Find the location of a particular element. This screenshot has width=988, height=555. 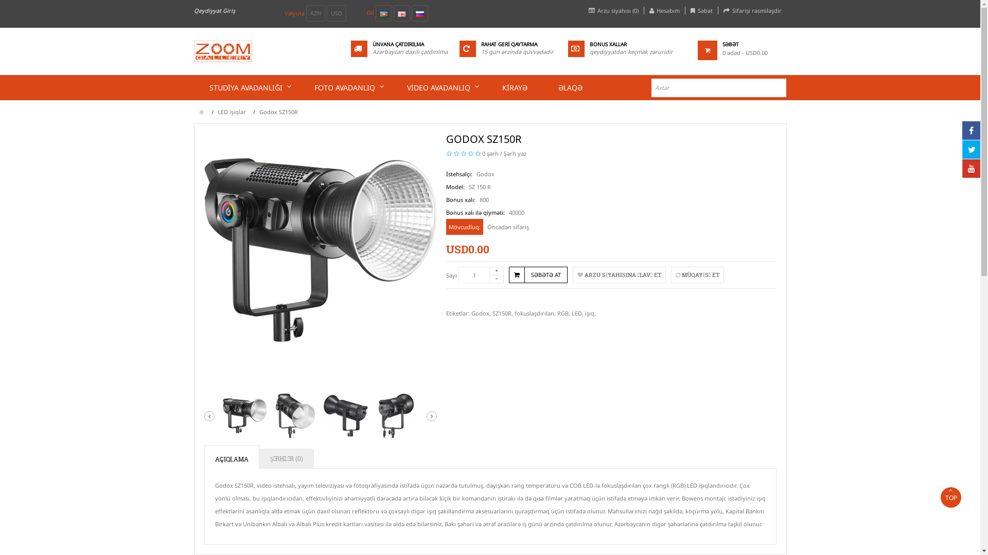

'Godox SZ150R' is located at coordinates (395, 415).